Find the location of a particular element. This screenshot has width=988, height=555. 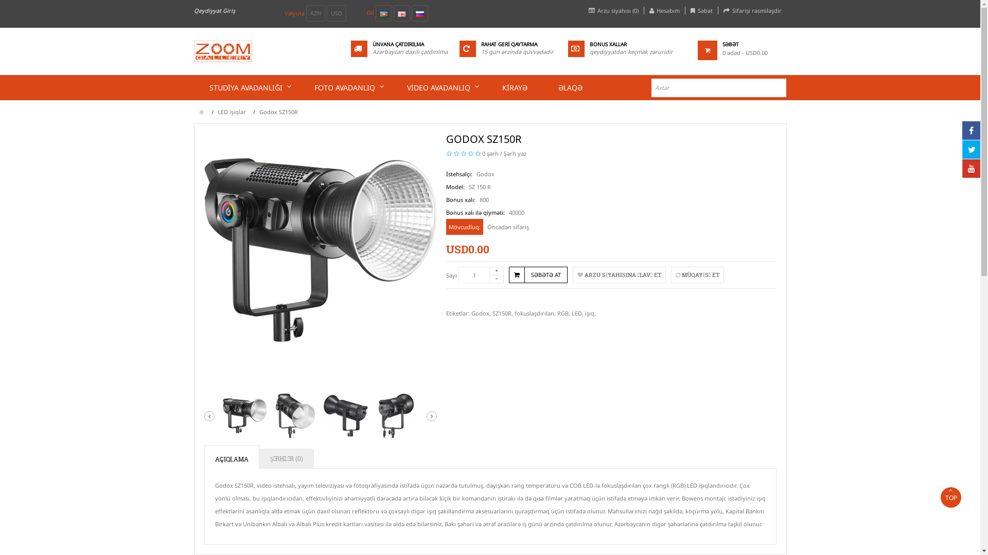

'Godox SZ150R' is located at coordinates (395, 415).